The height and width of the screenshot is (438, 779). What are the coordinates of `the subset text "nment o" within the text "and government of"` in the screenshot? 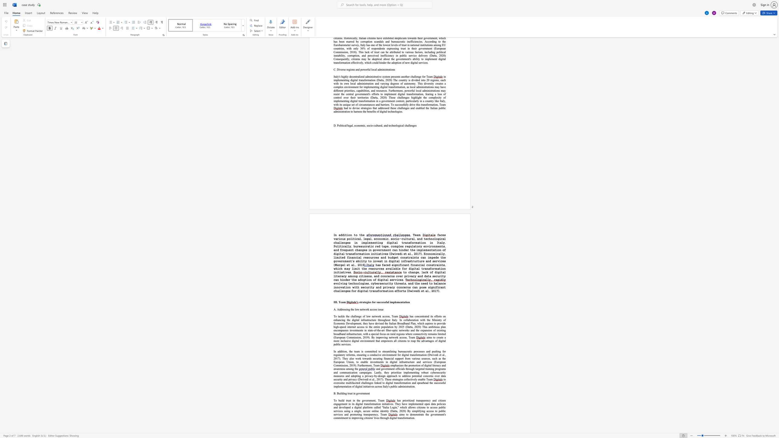 It's located at (387, 369).